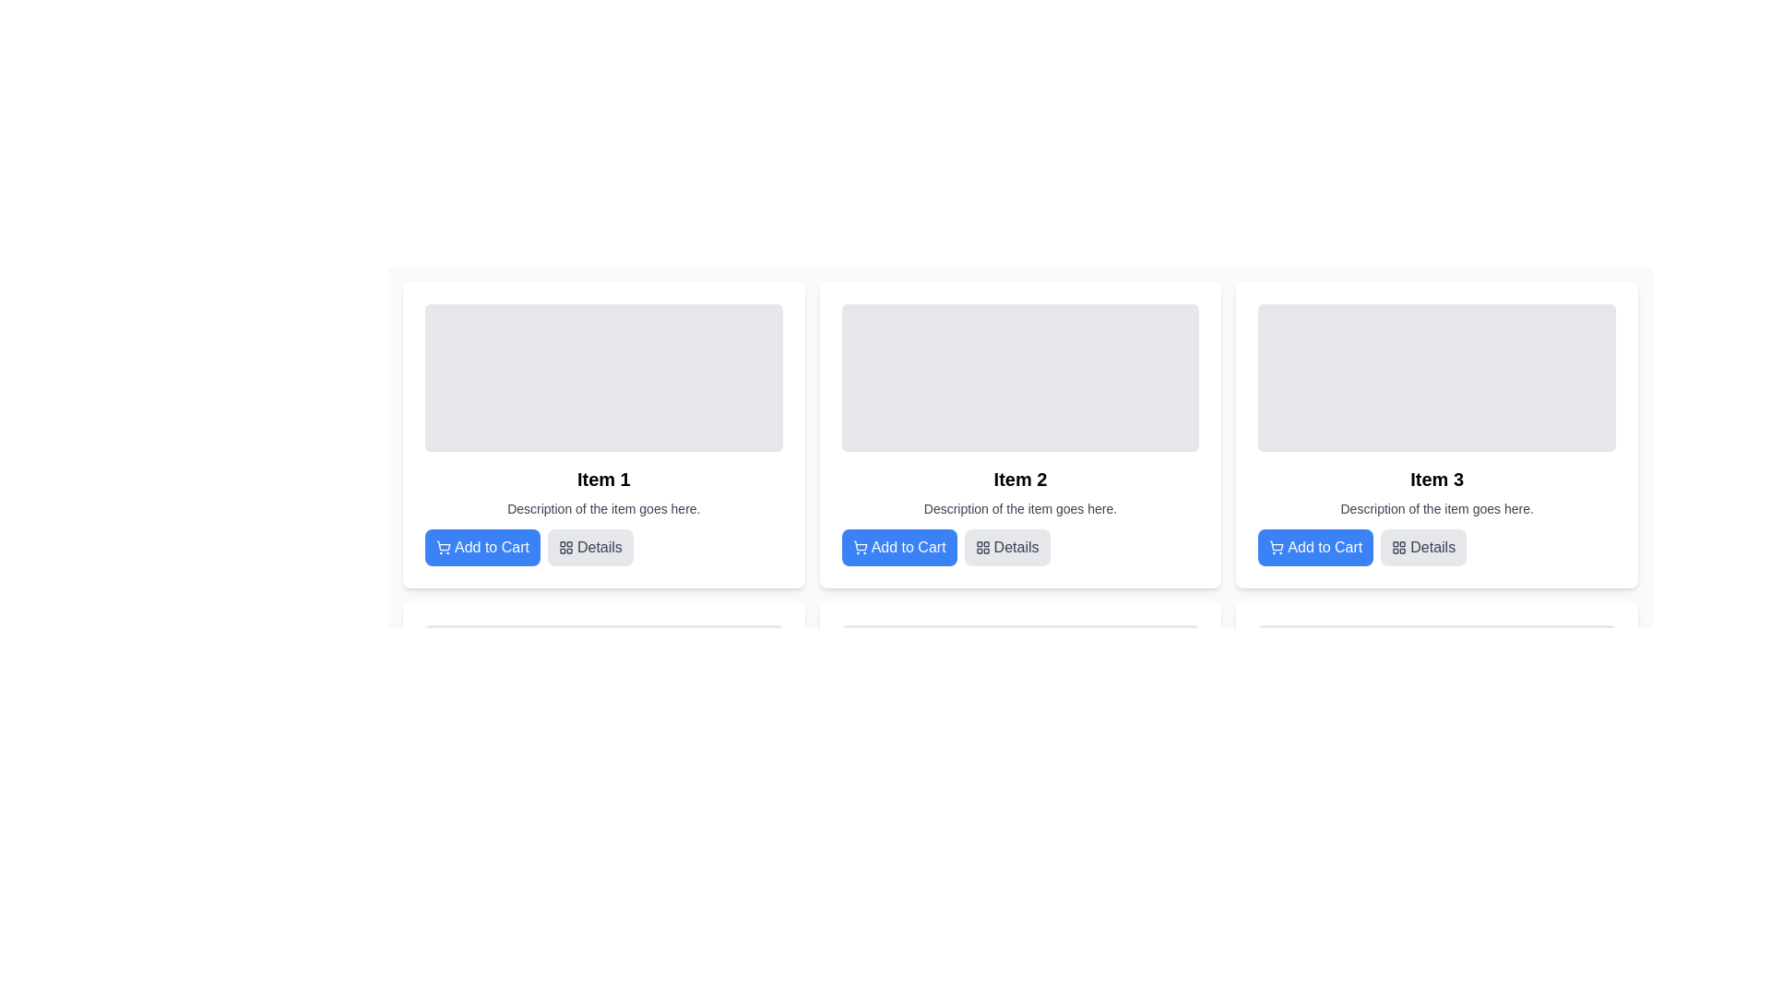  What do you see at coordinates (443, 545) in the screenshot?
I see `the shopping cart icon located inside the blue 'Add to Cart' button on the first item's card in the horizontal row of three` at bounding box center [443, 545].